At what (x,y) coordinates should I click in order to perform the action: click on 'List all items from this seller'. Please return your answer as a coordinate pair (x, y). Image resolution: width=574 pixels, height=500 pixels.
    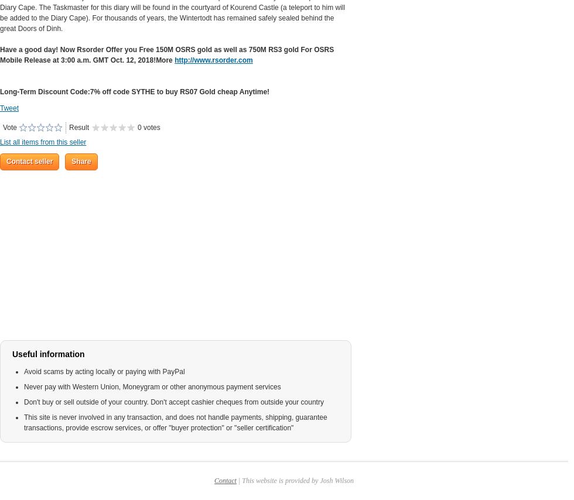
    Looking at the image, I should click on (0, 142).